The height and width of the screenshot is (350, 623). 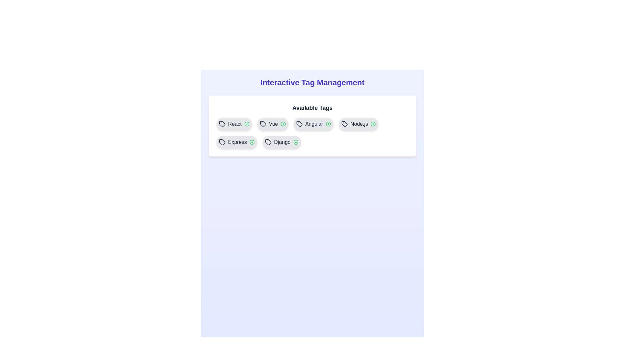 What do you see at coordinates (222, 124) in the screenshot?
I see `the tag icon located within the 'React' button in the top-left corner of the 'Available Tags' section` at bounding box center [222, 124].